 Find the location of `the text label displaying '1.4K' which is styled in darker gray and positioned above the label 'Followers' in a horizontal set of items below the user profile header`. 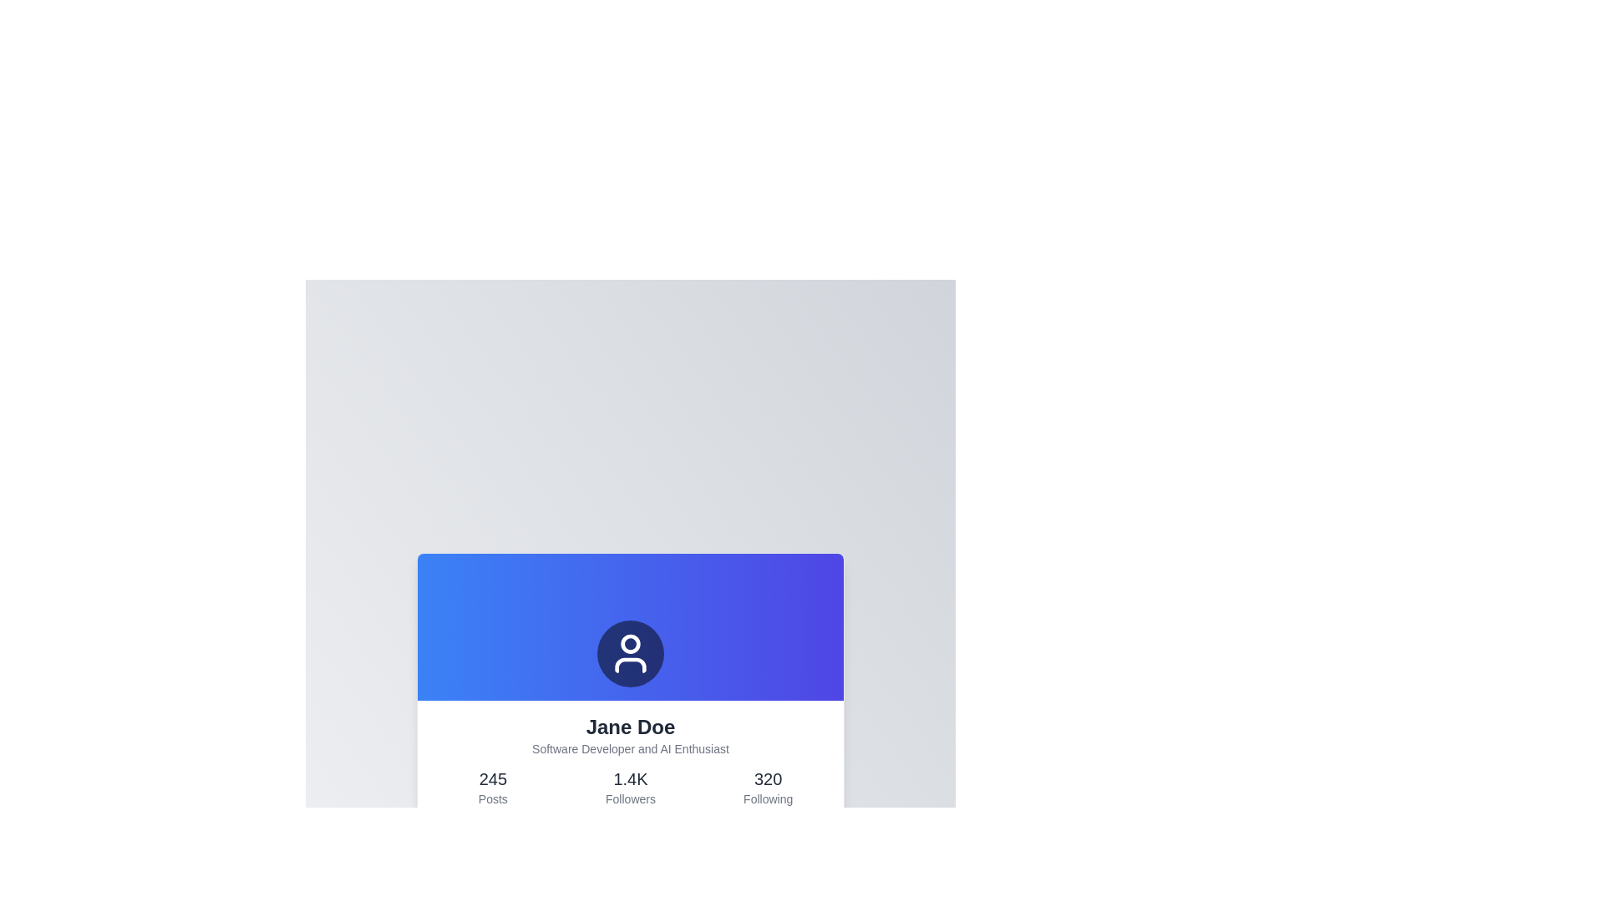

the text label displaying '1.4K' which is styled in darker gray and positioned above the label 'Followers' in a horizontal set of items below the user profile header is located at coordinates (629, 779).